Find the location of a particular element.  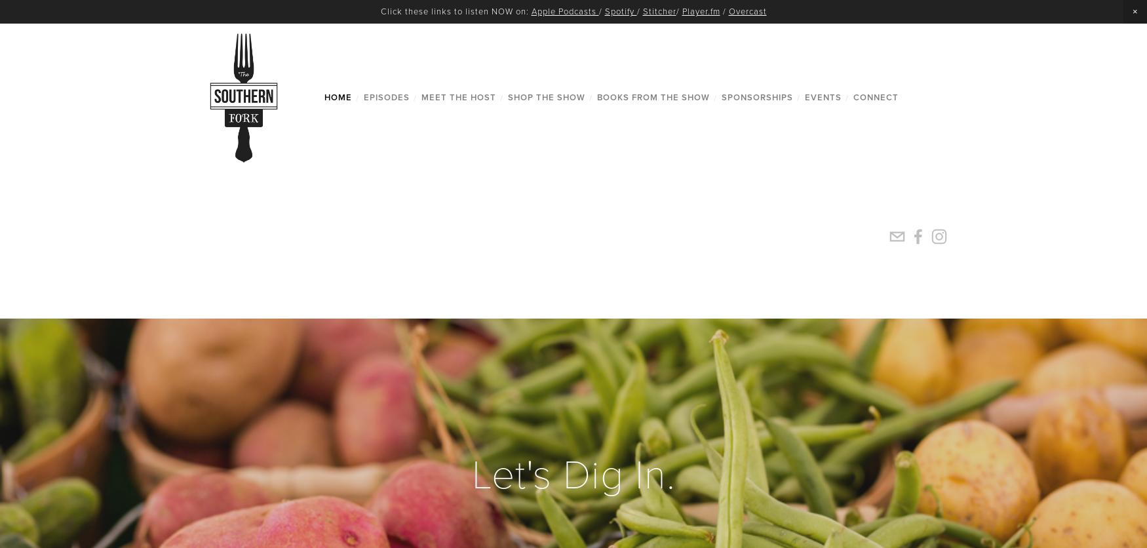

'Shop the Show' is located at coordinates (546, 96).